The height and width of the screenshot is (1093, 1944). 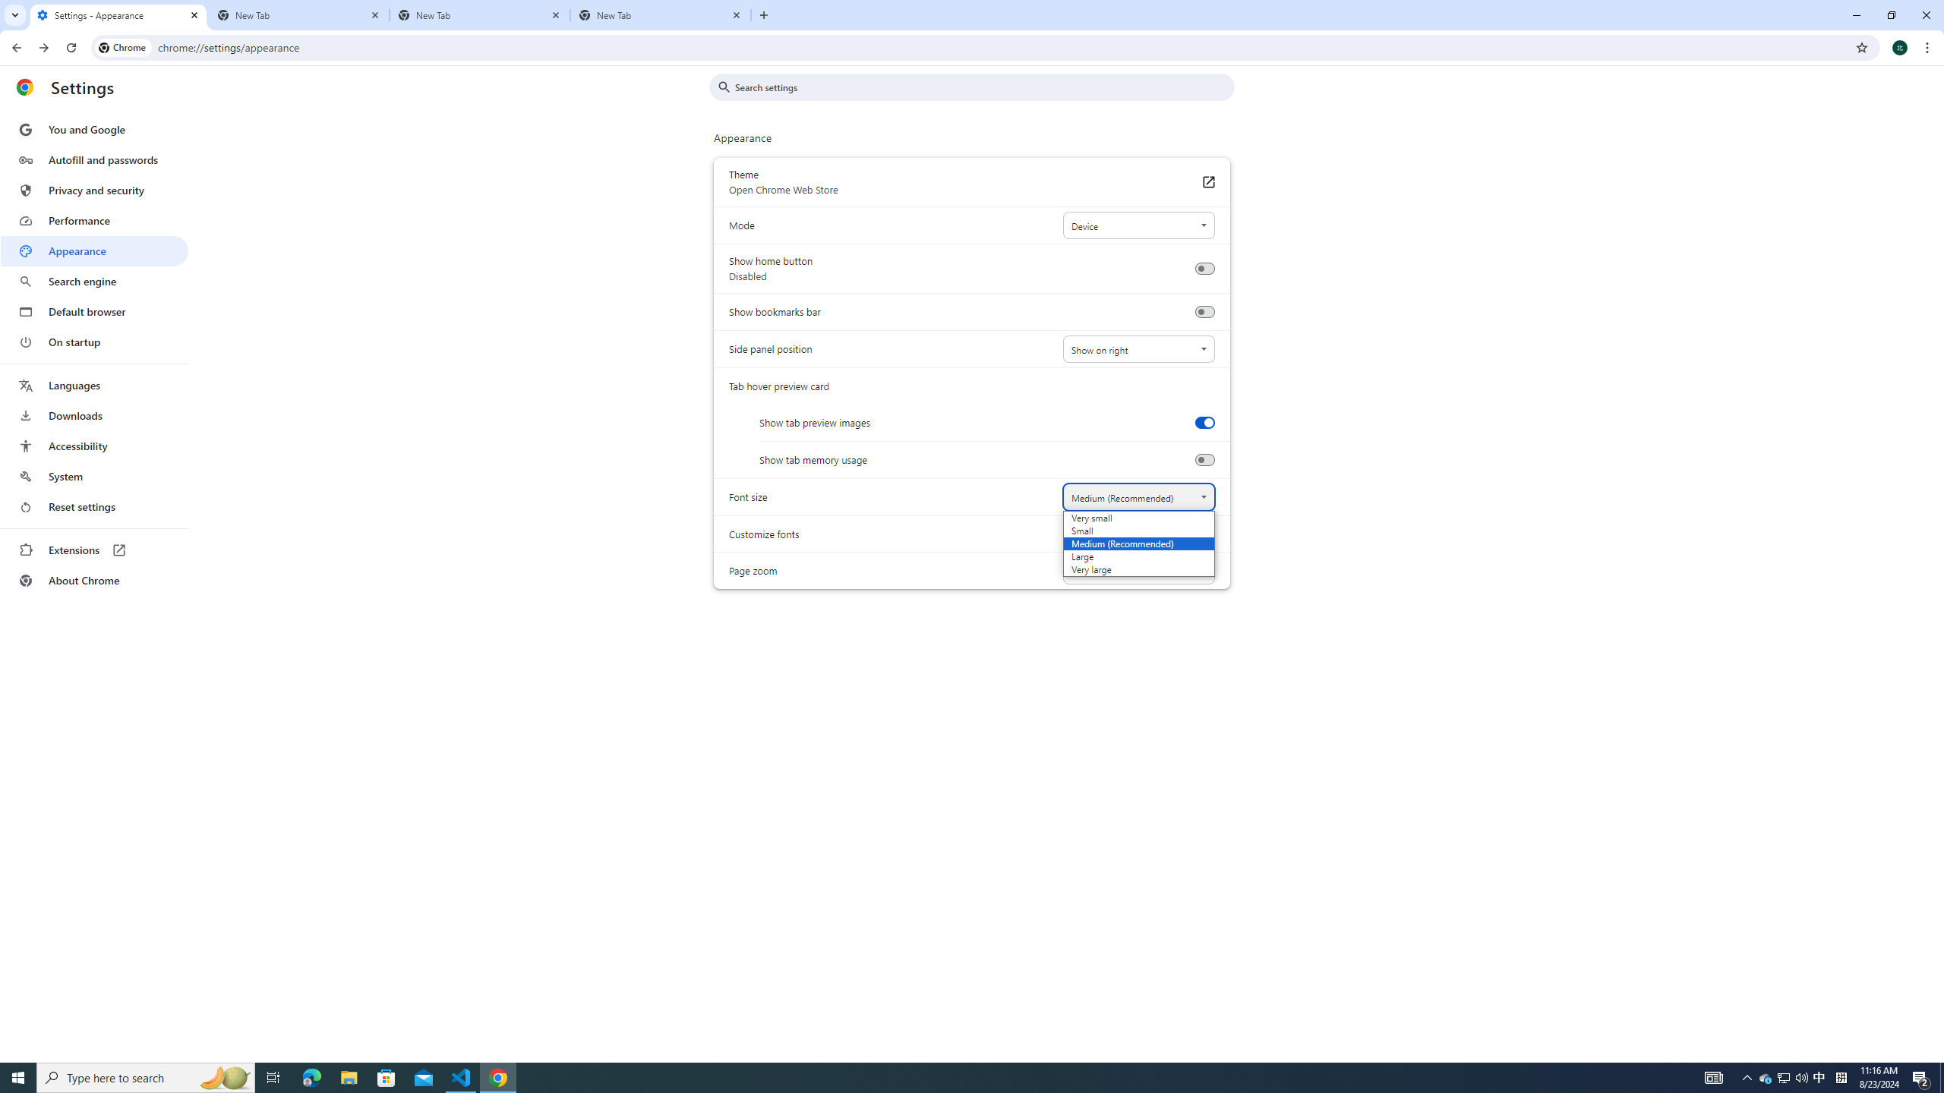 I want to click on 'Side panel position', so click(x=1137, y=348).